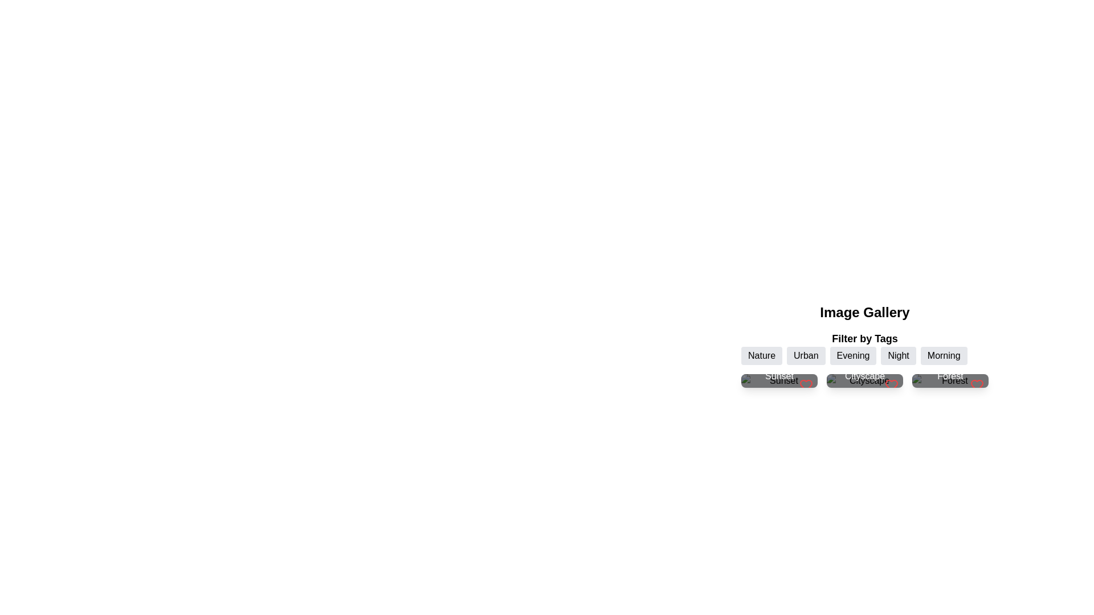 Image resolution: width=1094 pixels, height=615 pixels. I want to click on the 'Morning' button, which is the fifth button in a row under the 'Filter by Tags' section of the 'Image Gallery', to apply the morning filter, so click(944, 355).